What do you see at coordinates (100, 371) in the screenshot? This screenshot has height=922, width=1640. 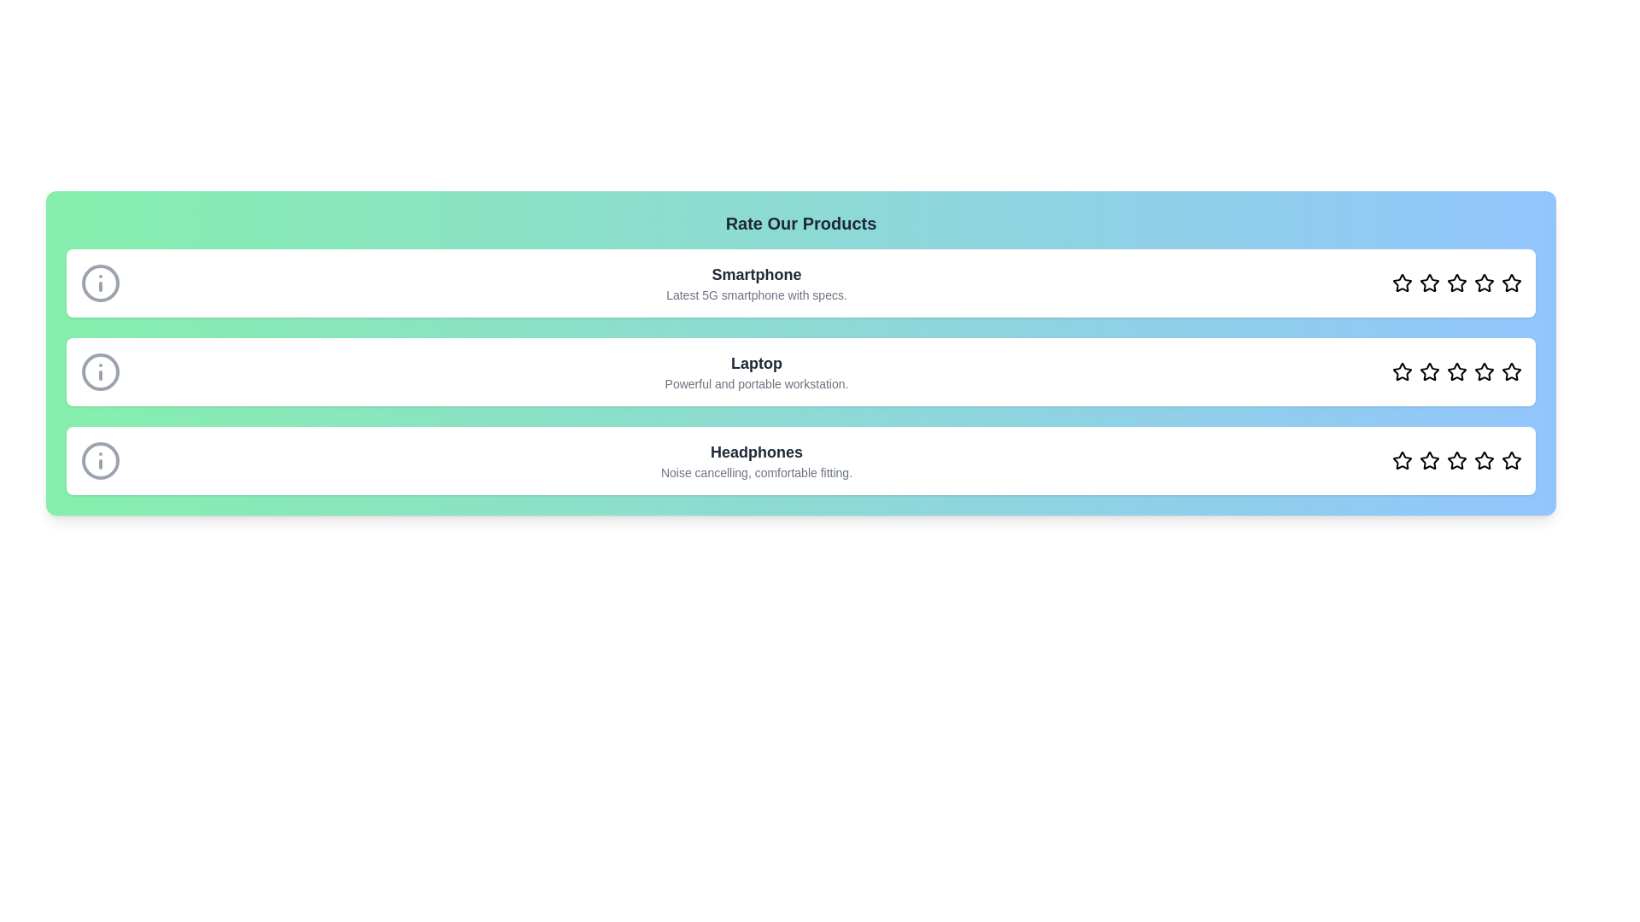 I see `the information icon, which is a gray outlined circle with a smaller letter 'i' in the center, located next to the 'Laptop' section` at bounding box center [100, 371].